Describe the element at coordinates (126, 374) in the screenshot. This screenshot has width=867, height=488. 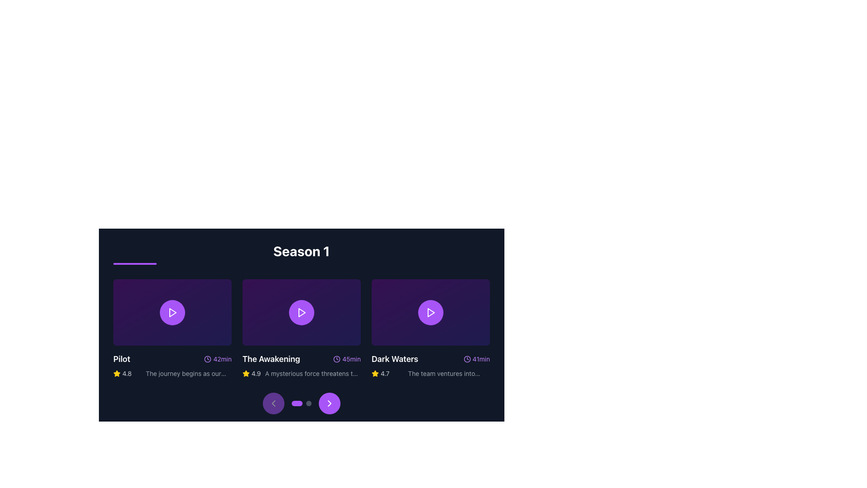
I see `the text label displaying the number '4.8', which is styled in a small gray font and located next to a yellow star icon in the bottom-left section of the first card` at that location.